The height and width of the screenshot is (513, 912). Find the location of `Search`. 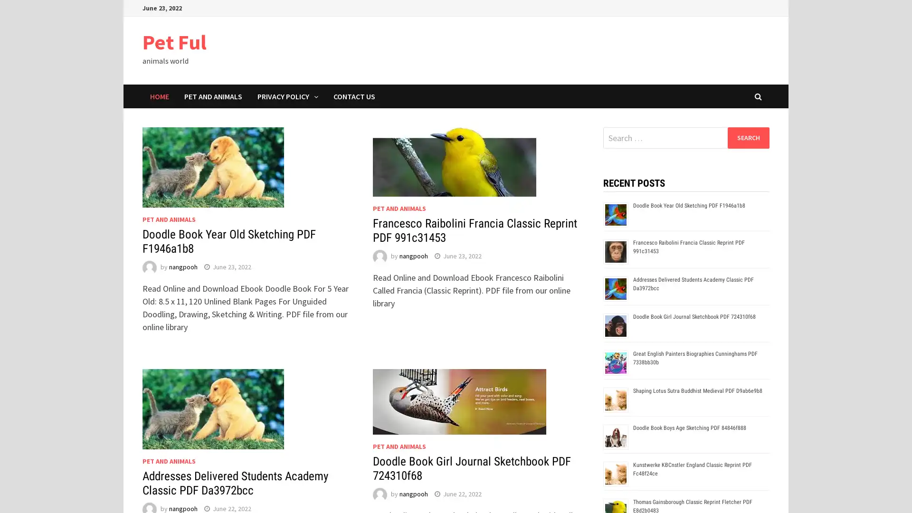

Search is located at coordinates (748, 137).